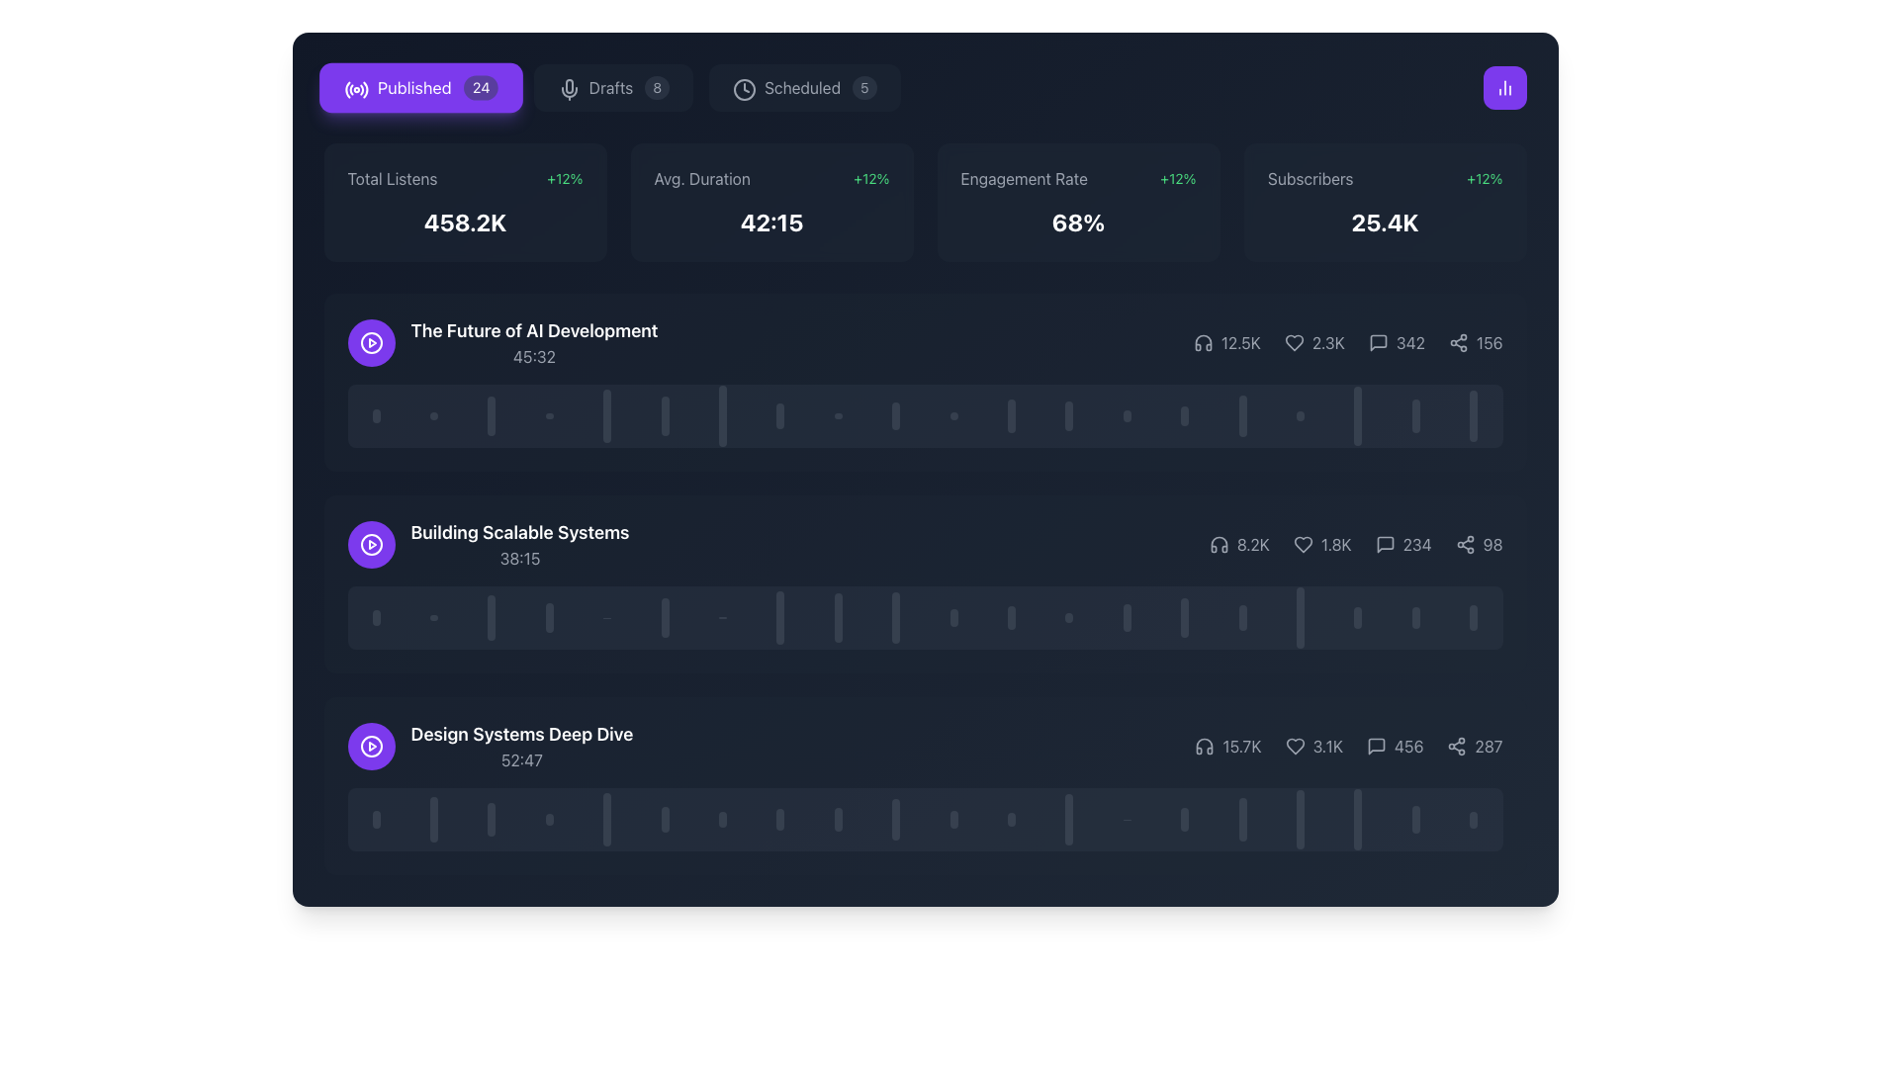 This screenshot has width=1899, height=1068. I want to click on the vertical slider, so click(1241, 806).